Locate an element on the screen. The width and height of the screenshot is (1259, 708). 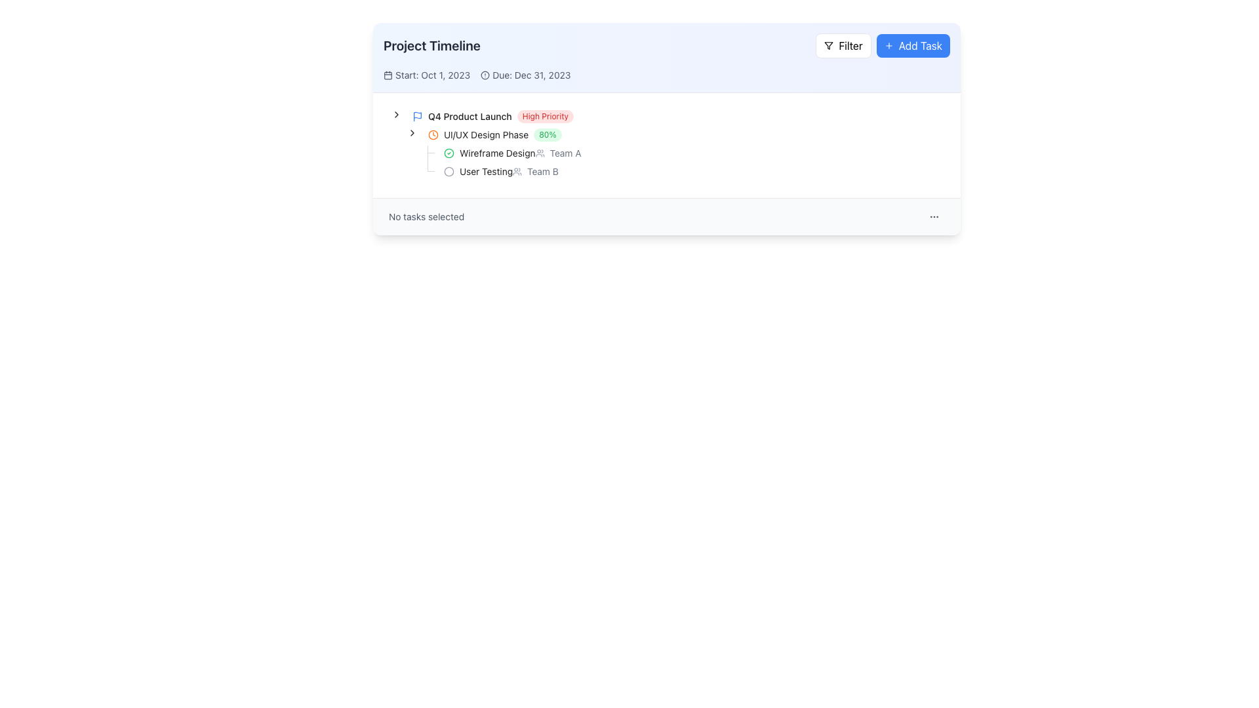
on the tree node item displaying 'Q4 Product Launch' with a red 'High Priority' label and a blue flag icon is located at coordinates (492, 115).